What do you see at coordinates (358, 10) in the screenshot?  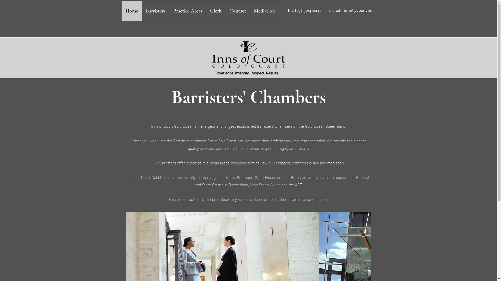 I see `'info@gcbar.com'` at bounding box center [358, 10].